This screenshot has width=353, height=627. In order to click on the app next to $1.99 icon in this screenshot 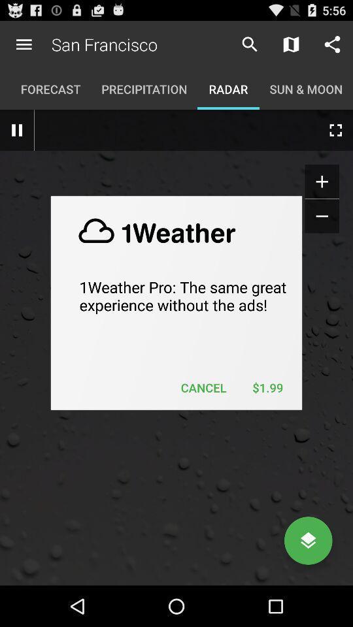, I will do `click(203, 387)`.